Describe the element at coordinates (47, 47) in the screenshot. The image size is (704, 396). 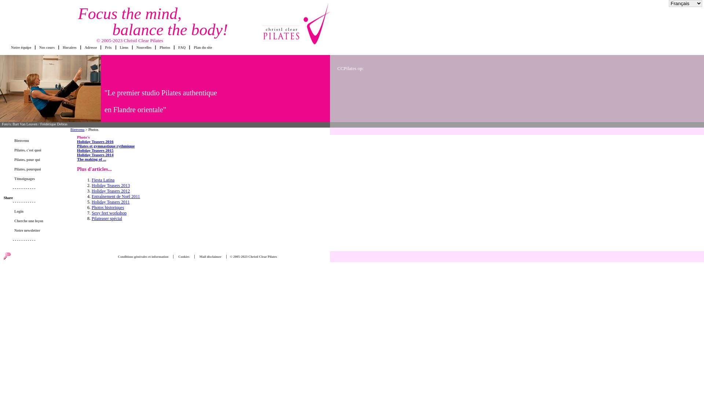
I see `'Nos cours'` at that location.